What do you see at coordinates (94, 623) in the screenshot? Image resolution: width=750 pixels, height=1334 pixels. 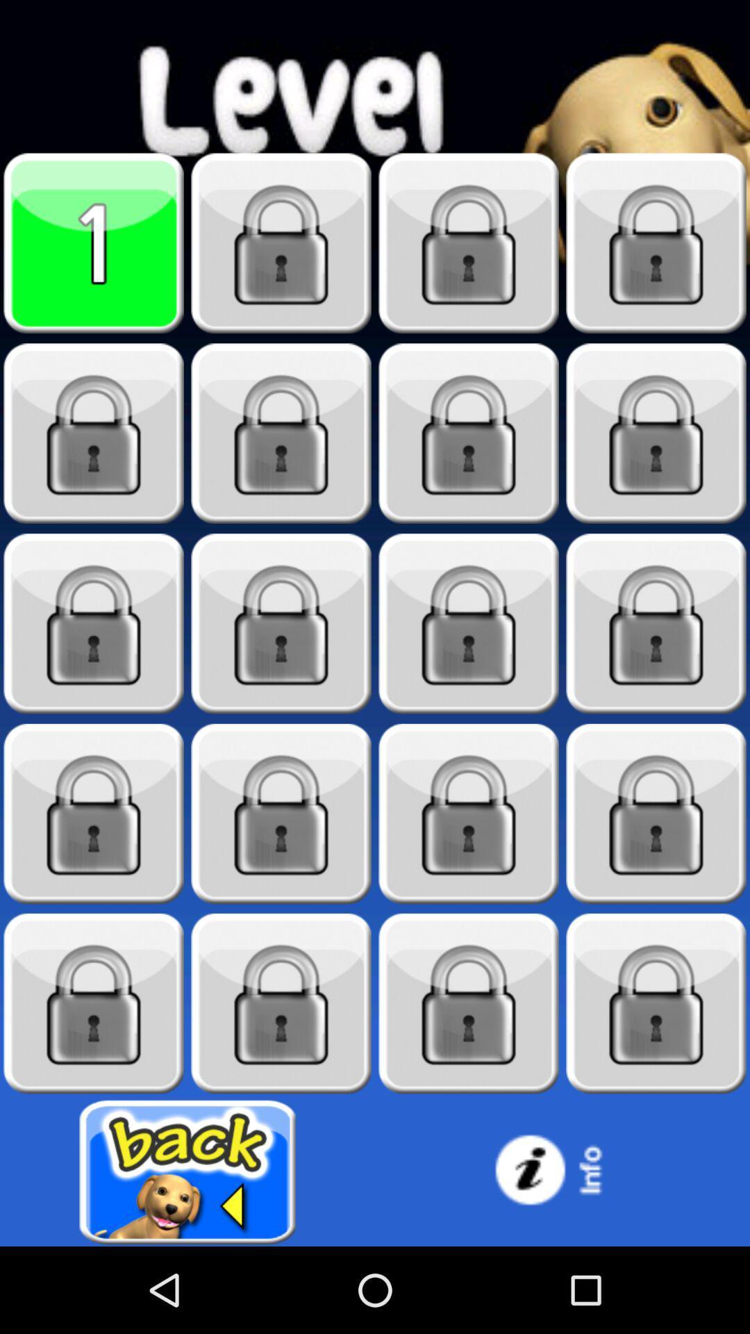 I see `locked level` at bounding box center [94, 623].